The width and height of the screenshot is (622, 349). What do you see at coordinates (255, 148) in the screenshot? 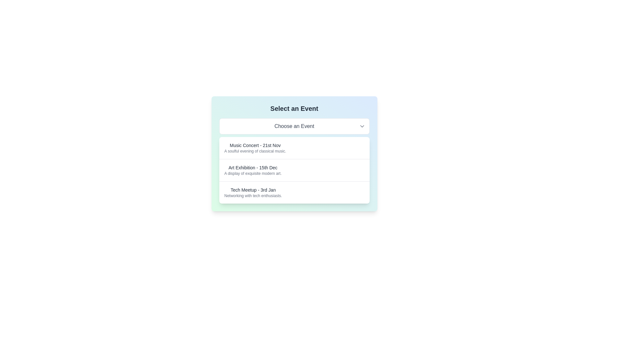
I see `the informational text block displaying 'Music Concert - 21st Nov'` at bounding box center [255, 148].